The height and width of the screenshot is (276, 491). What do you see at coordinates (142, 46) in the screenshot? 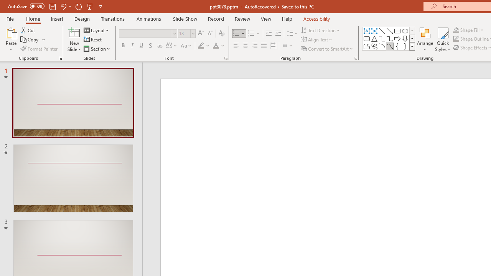
I see `'Underline'` at bounding box center [142, 46].